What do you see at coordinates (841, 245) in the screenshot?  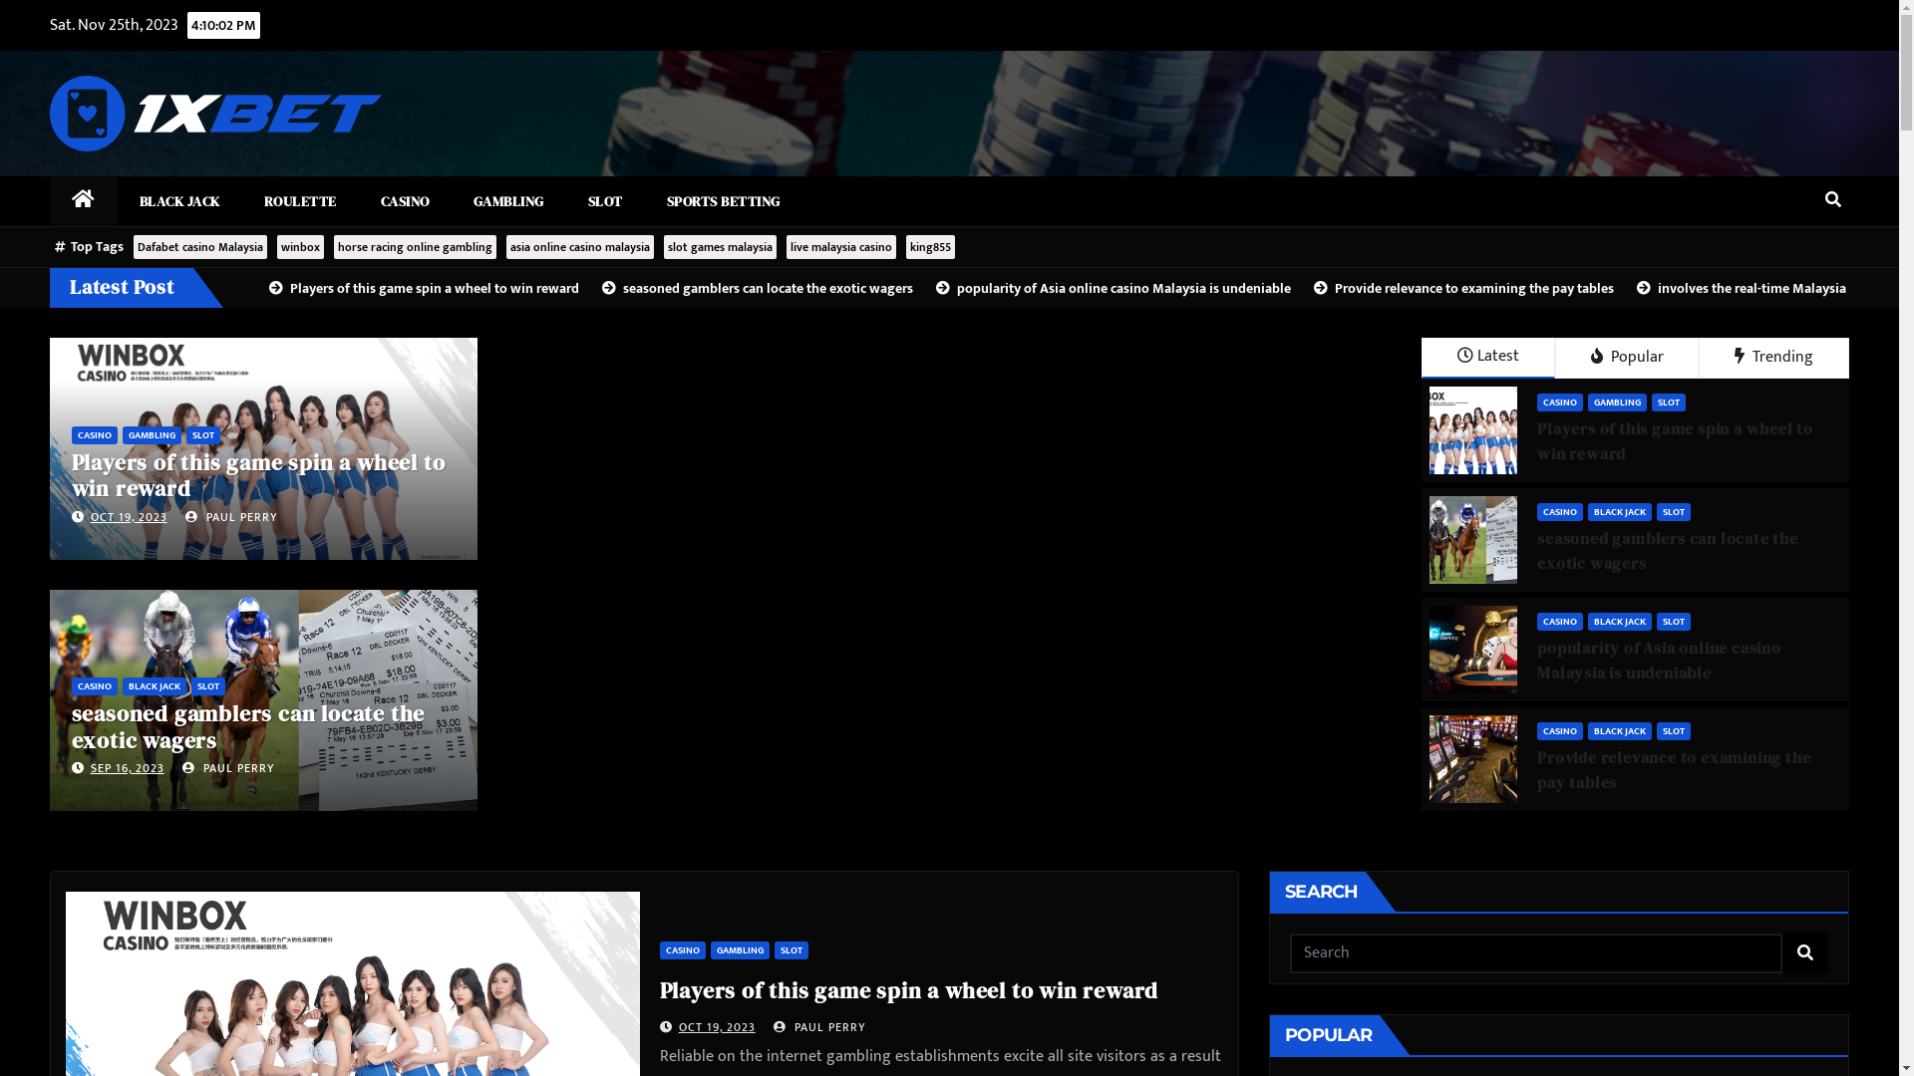 I see `'live malaysia casino'` at bounding box center [841, 245].